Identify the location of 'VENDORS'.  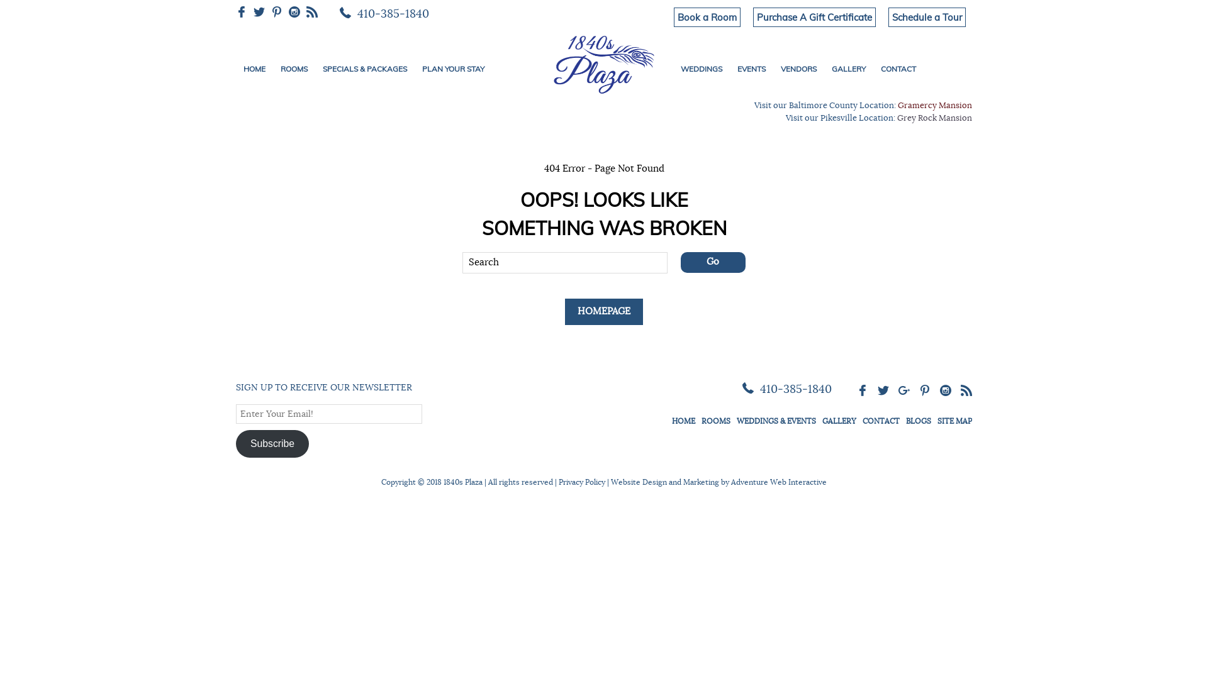
(772, 69).